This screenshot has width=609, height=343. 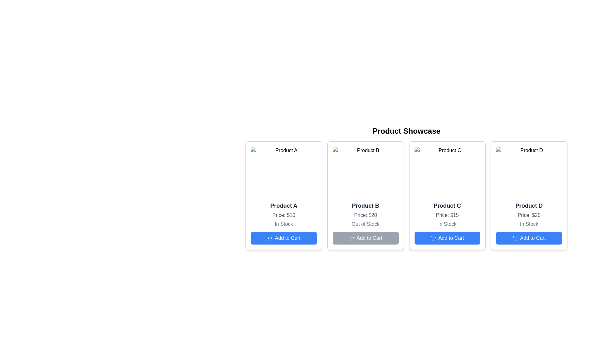 What do you see at coordinates (447, 172) in the screenshot?
I see `the image representing 'Product C' within the product card` at bounding box center [447, 172].